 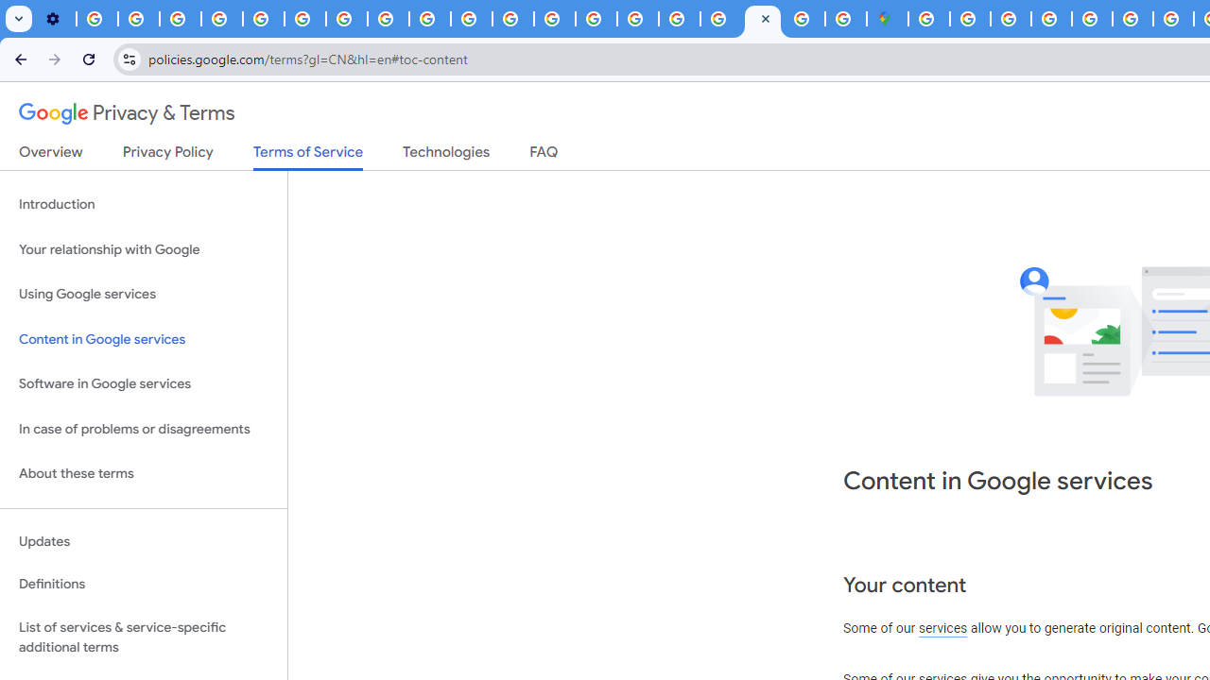 What do you see at coordinates (143, 637) in the screenshot?
I see `'List of services & service-specific additional terms'` at bounding box center [143, 637].